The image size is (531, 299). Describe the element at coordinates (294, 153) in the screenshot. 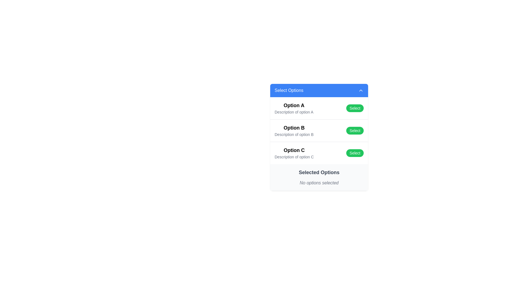

I see `description of the text block representing option 'C' in the selection list located in the scrollable section titled 'Select Options'` at that location.